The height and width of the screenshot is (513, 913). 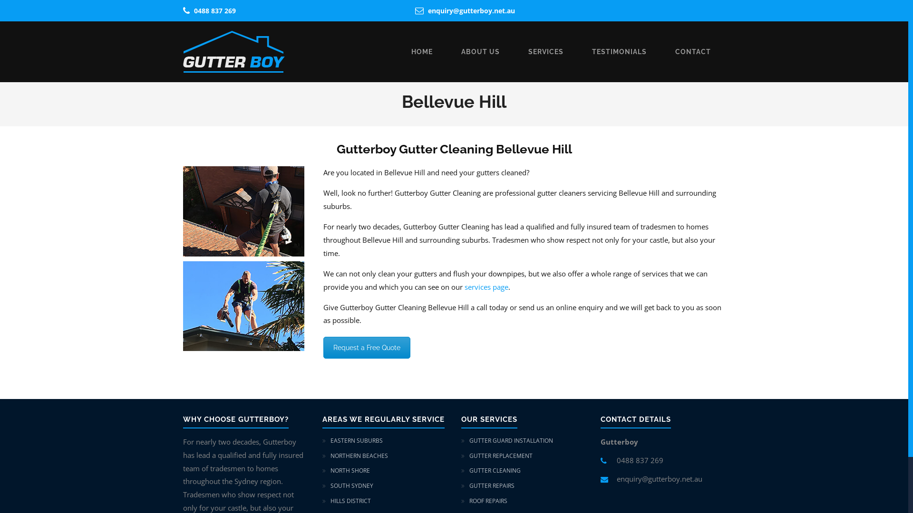 I want to click on 'CONTACT', so click(x=693, y=52).